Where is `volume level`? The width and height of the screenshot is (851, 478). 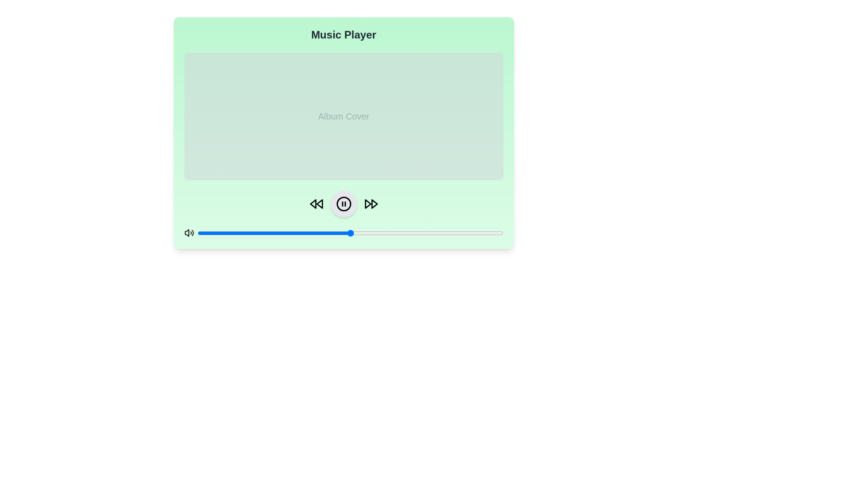 volume level is located at coordinates (270, 233).